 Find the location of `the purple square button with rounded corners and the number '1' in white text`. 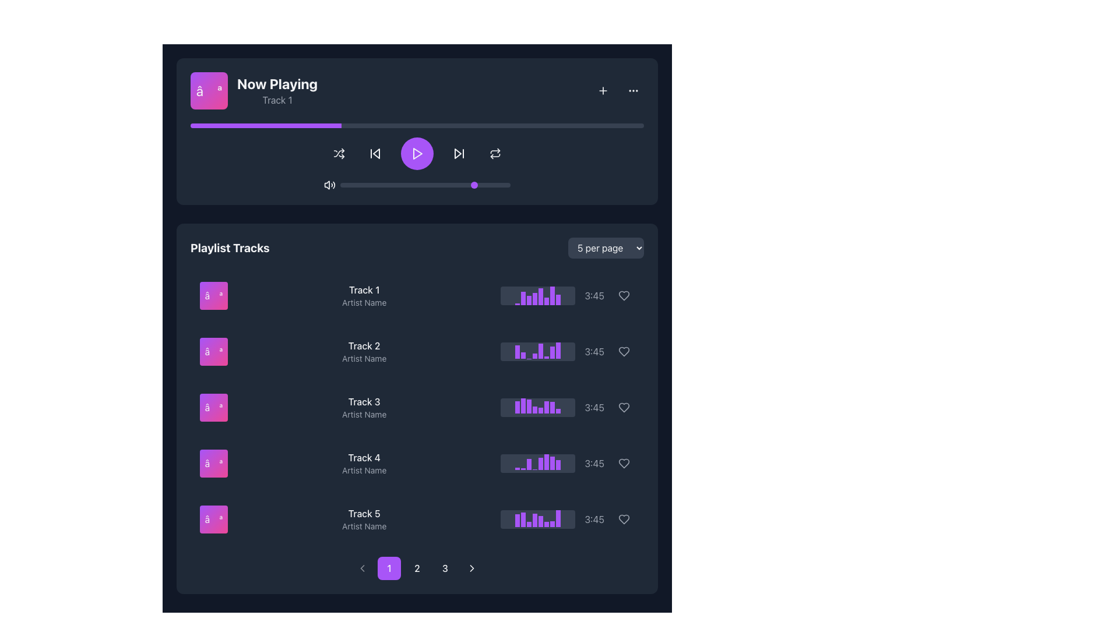

the purple square button with rounded corners and the number '1' in white text is located at coordinates (389, 567).